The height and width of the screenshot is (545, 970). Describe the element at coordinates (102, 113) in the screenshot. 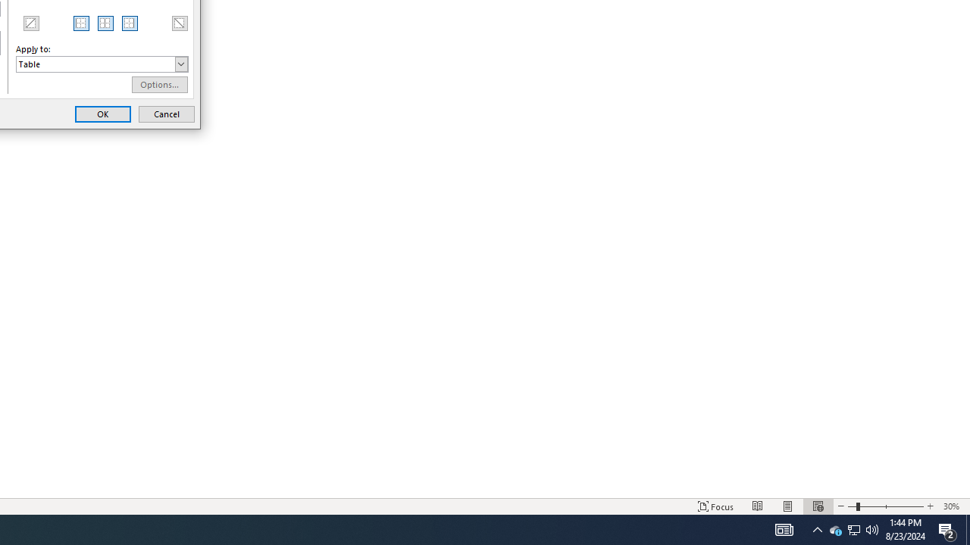

I see `'OK'` at that location.